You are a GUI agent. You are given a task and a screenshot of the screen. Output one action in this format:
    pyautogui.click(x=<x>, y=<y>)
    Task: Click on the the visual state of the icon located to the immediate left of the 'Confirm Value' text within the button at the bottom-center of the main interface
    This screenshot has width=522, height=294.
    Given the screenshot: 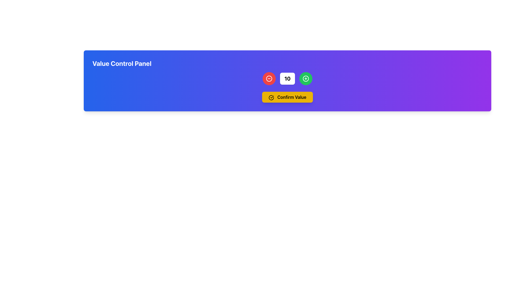 What is the action you would take?
    pyautogui.click(x=271, y=97)
    